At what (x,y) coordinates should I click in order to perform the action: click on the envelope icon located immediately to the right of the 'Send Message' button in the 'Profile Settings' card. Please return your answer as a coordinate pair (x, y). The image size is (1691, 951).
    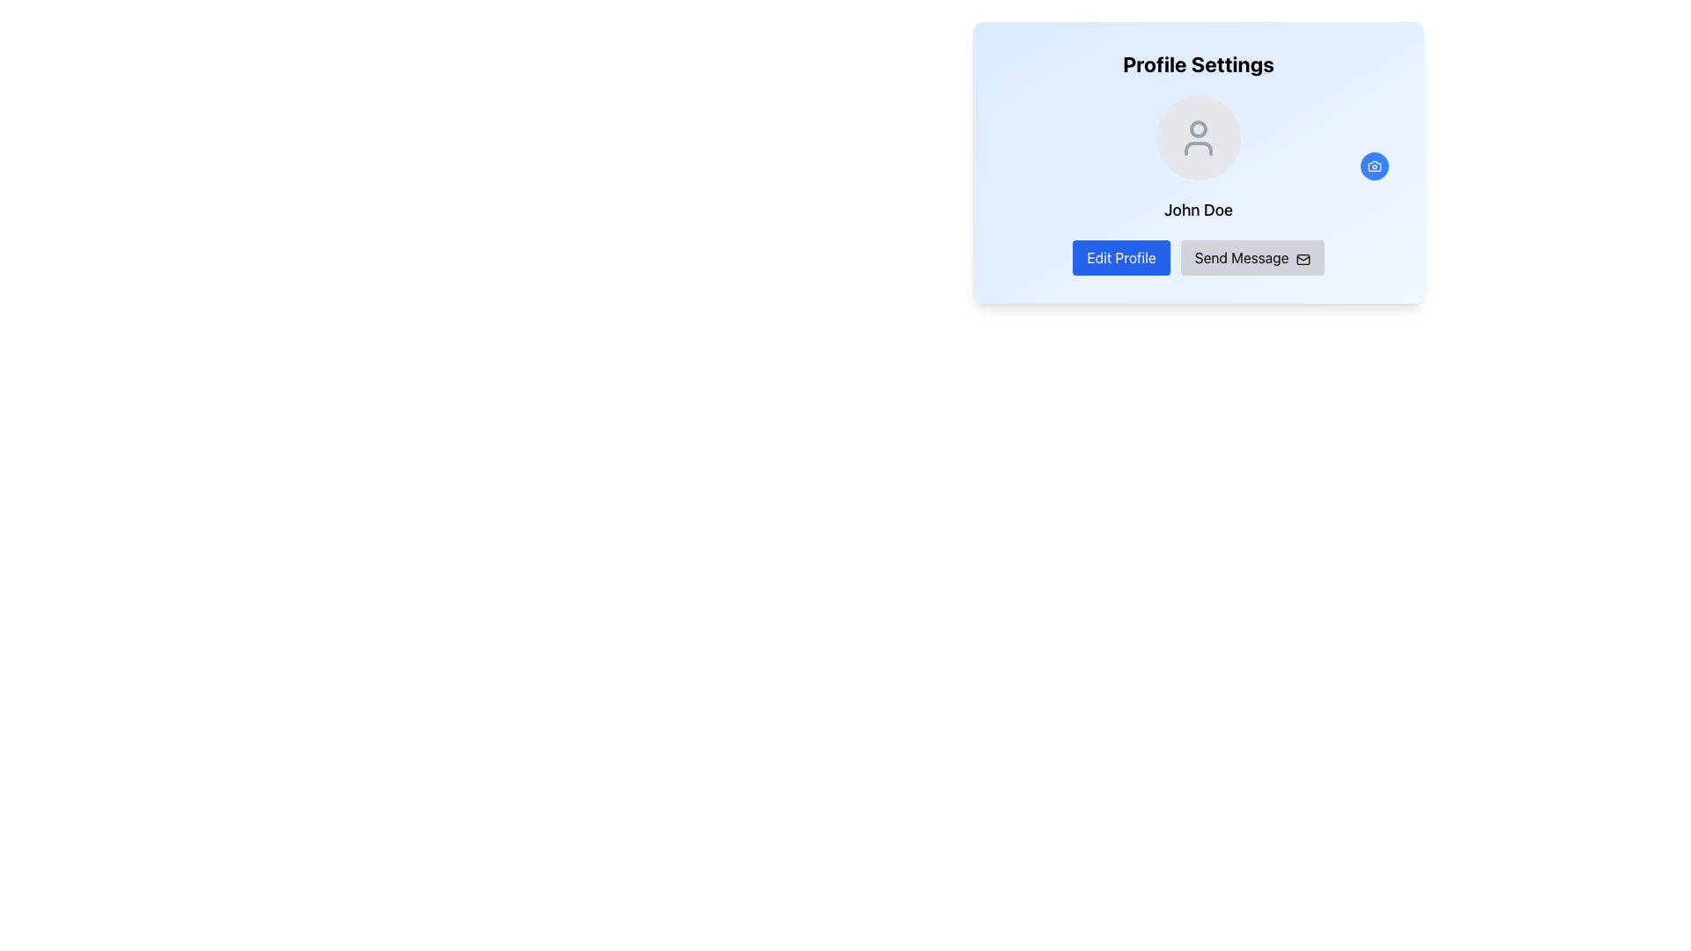
    Looking at the image, I should click on (1303, 259).